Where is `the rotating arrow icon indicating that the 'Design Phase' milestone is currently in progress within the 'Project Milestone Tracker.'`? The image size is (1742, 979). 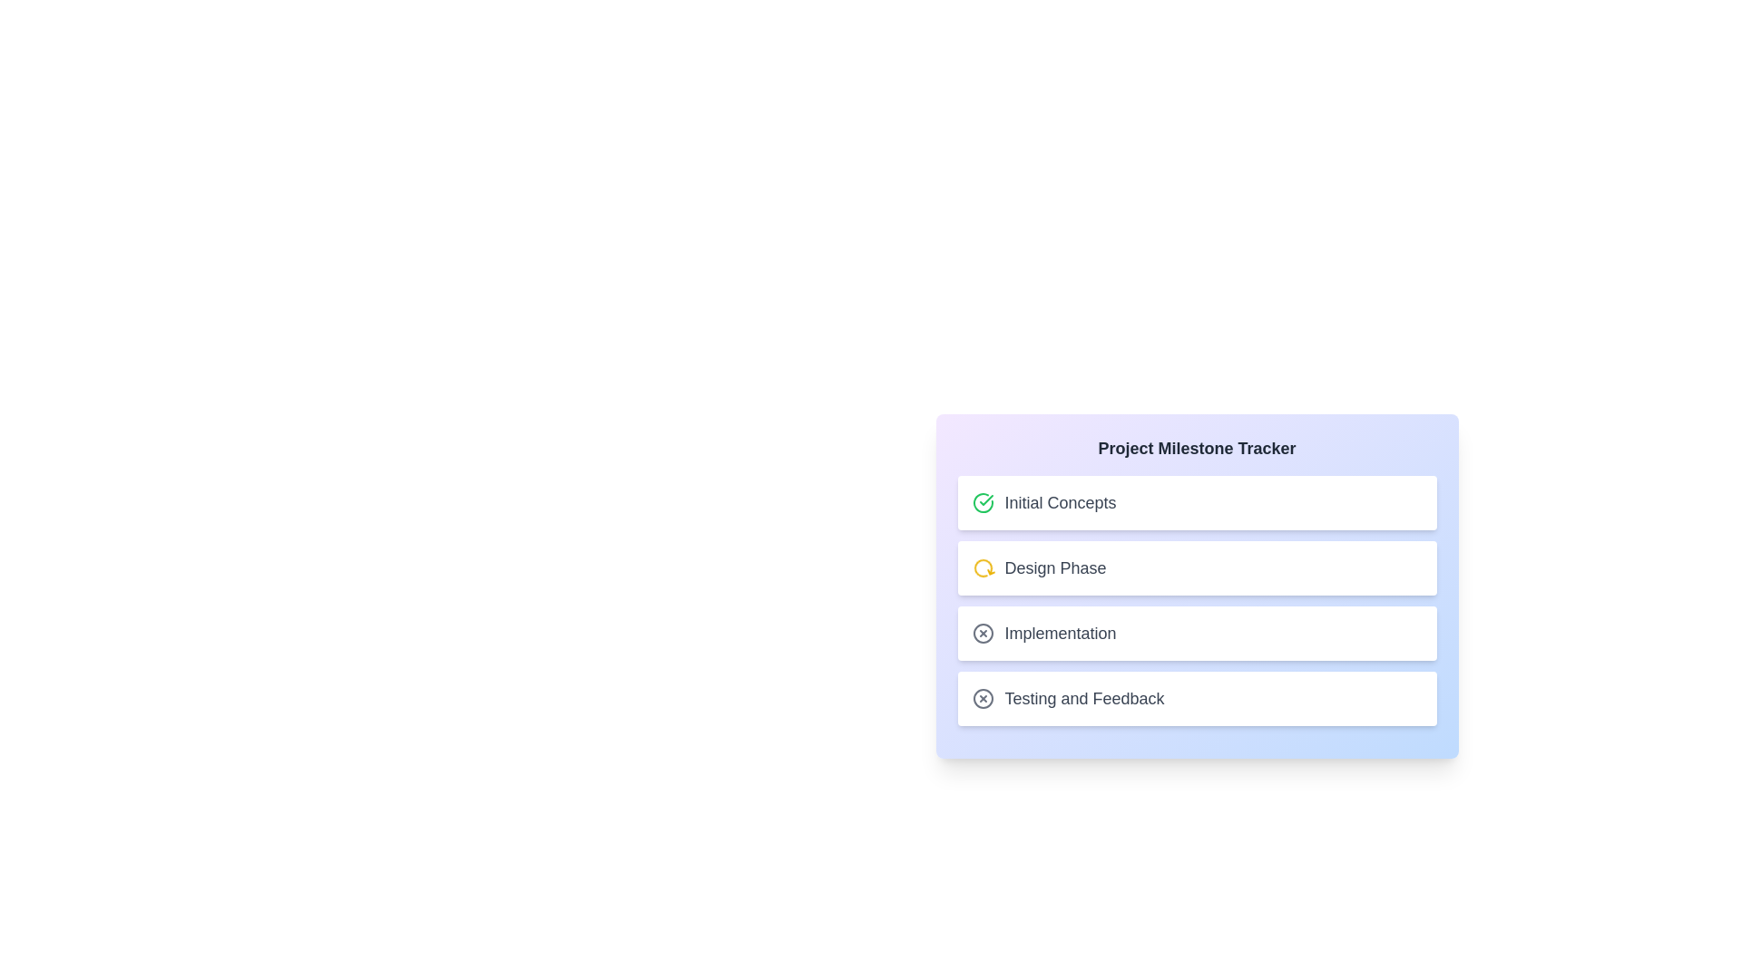 the rotating arrow icon indicating that the 'Design Phase' milestone is currently in progress within the 'Project Milestone Tracker.' is located at coordinates (982, 567).